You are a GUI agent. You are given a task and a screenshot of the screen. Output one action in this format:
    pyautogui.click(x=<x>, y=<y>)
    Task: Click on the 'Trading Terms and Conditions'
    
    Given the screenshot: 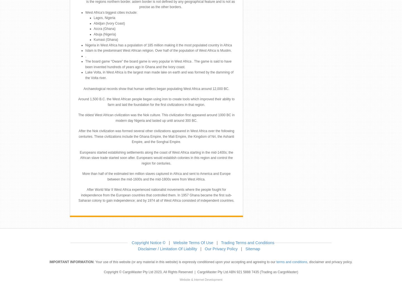 What is the action you would take?
    pyautogui.click(x=247, y=242)
    